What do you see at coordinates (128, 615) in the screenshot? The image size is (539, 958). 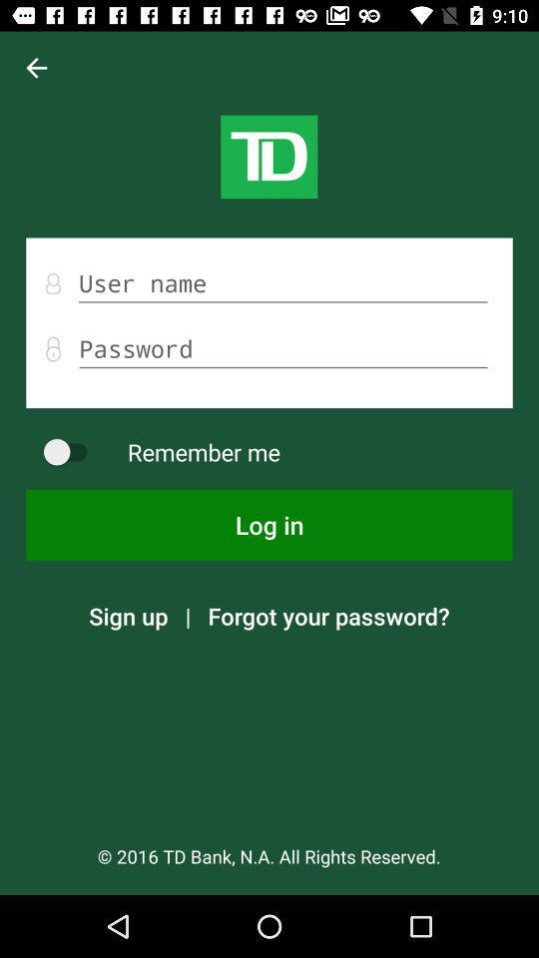 I see `the icon next to | icon` at bounding box center [128, 615].